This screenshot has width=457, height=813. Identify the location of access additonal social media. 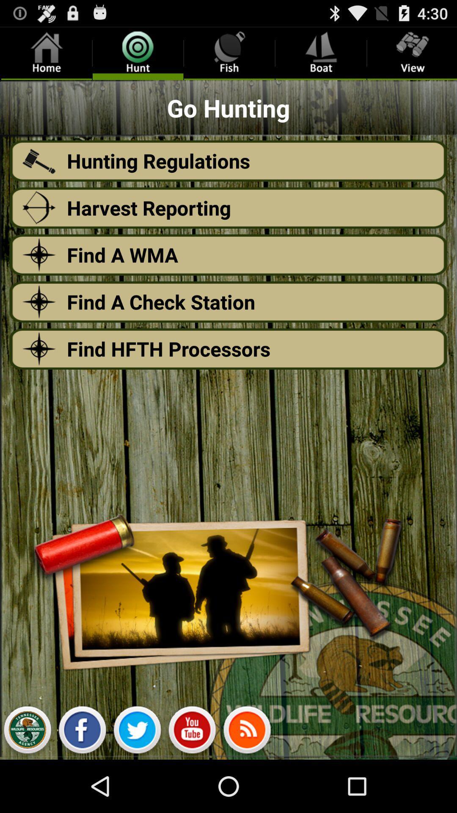
(247, 732).